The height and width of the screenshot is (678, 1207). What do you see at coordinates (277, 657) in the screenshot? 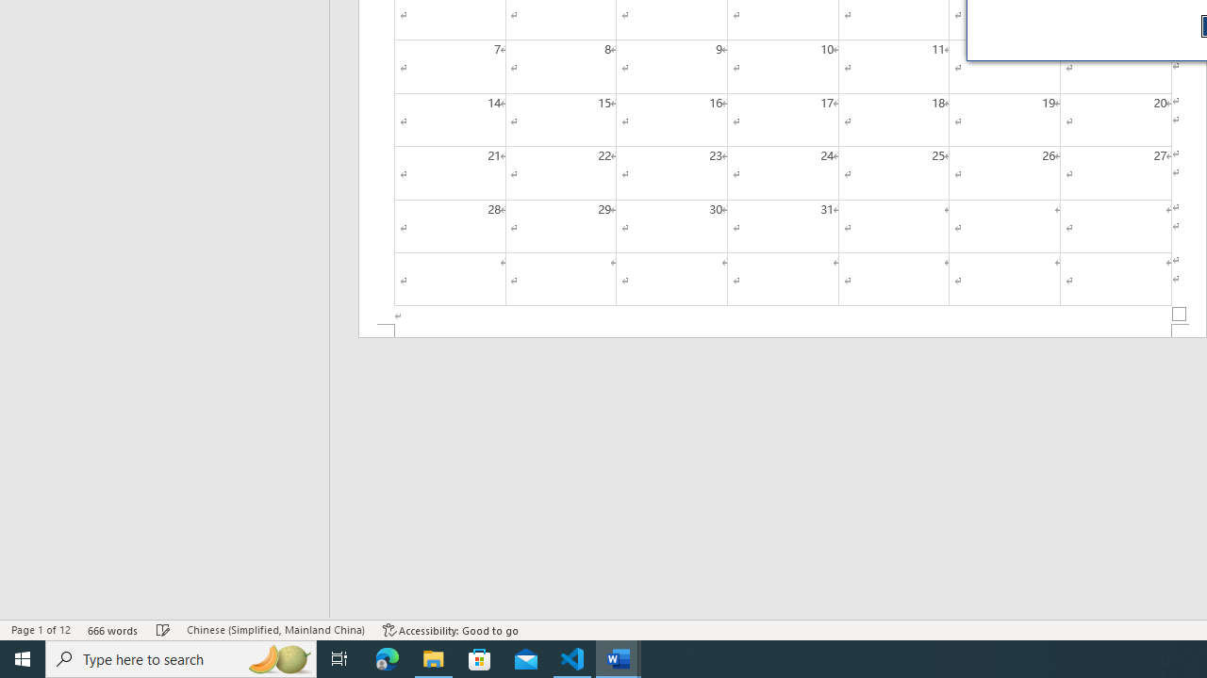
I see `'Search highlights icon opens search home window'` at bounding box center [277, 657].